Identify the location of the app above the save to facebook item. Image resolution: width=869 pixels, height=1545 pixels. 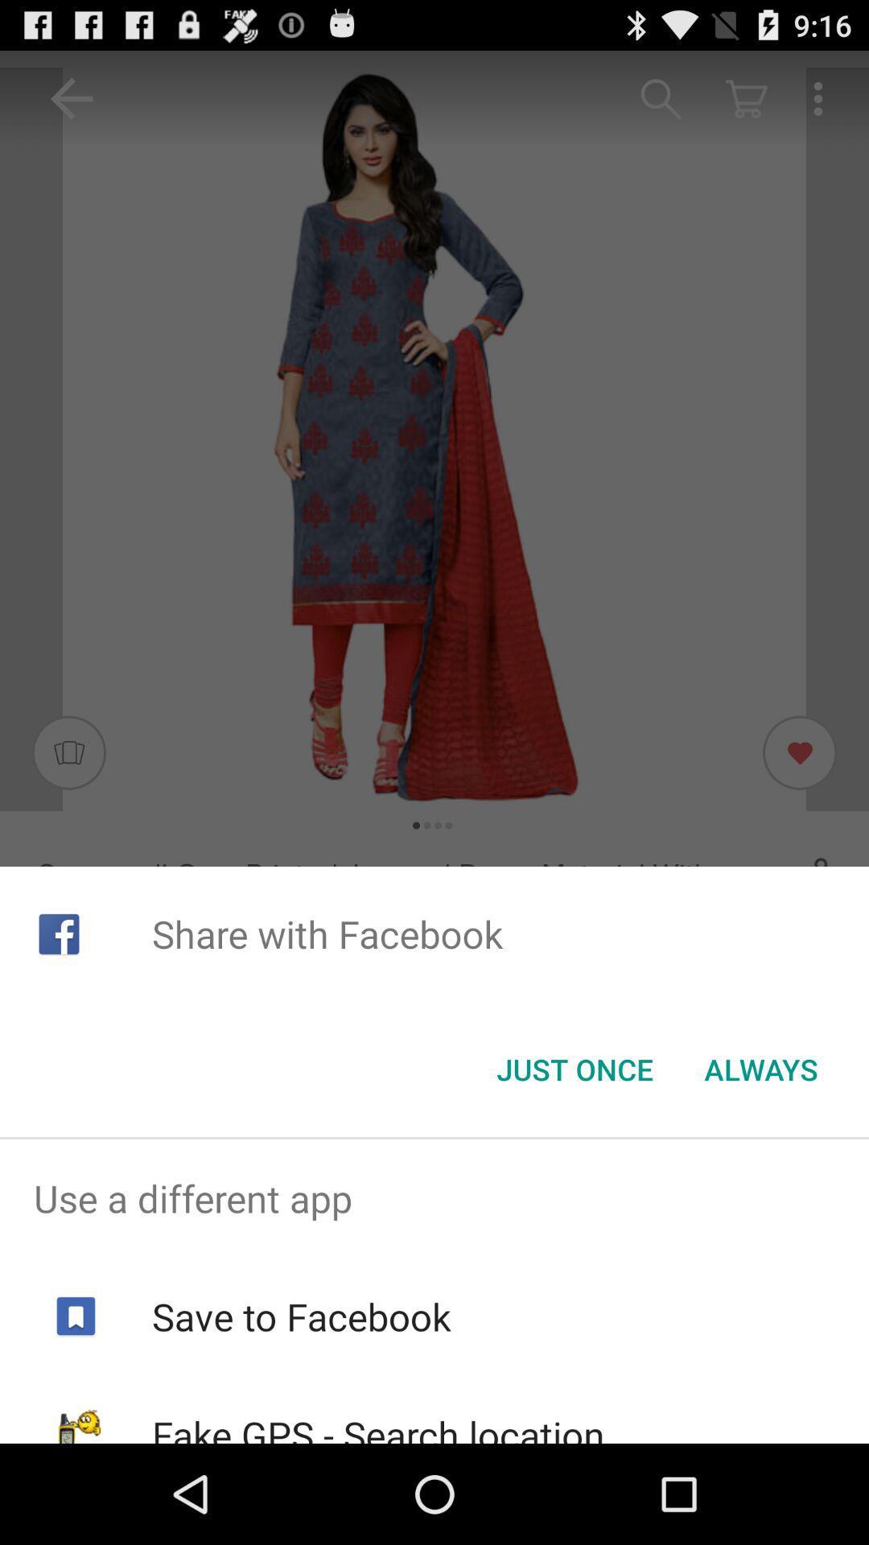
(434, 1198).